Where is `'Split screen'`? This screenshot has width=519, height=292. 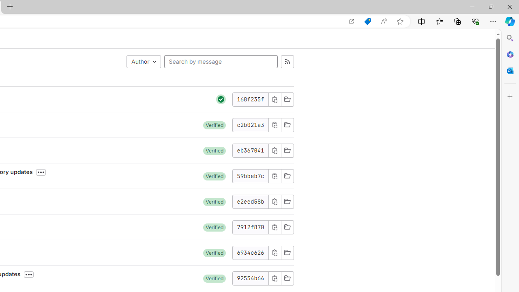
'Split screen' is located at coordinates (422, 21).